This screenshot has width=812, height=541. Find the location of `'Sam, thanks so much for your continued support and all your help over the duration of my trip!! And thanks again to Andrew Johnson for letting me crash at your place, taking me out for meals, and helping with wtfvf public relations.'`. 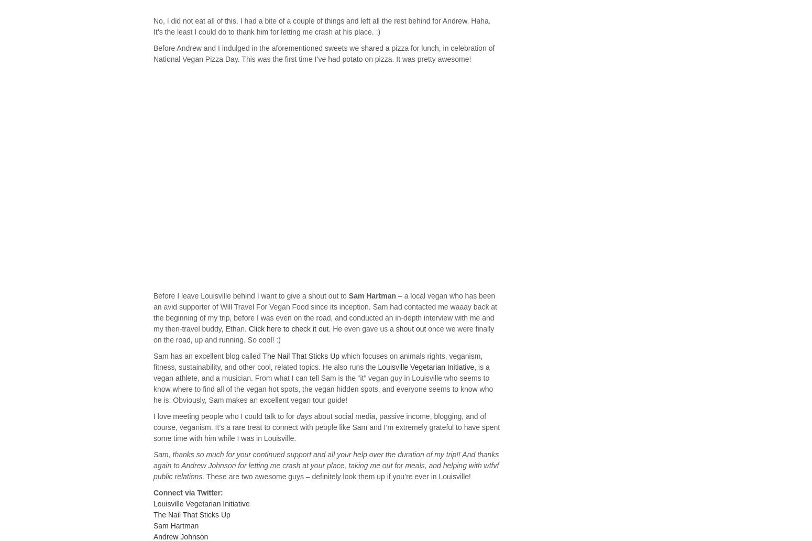

'Sam, thanks so much for your continued support and all your help over the duration of my trip!! And thanks again to Andrew Johnson for letting me crash at your place, taking me out for meals, and helping with wtfvf public relations.' is located at coordinates (153, 465).